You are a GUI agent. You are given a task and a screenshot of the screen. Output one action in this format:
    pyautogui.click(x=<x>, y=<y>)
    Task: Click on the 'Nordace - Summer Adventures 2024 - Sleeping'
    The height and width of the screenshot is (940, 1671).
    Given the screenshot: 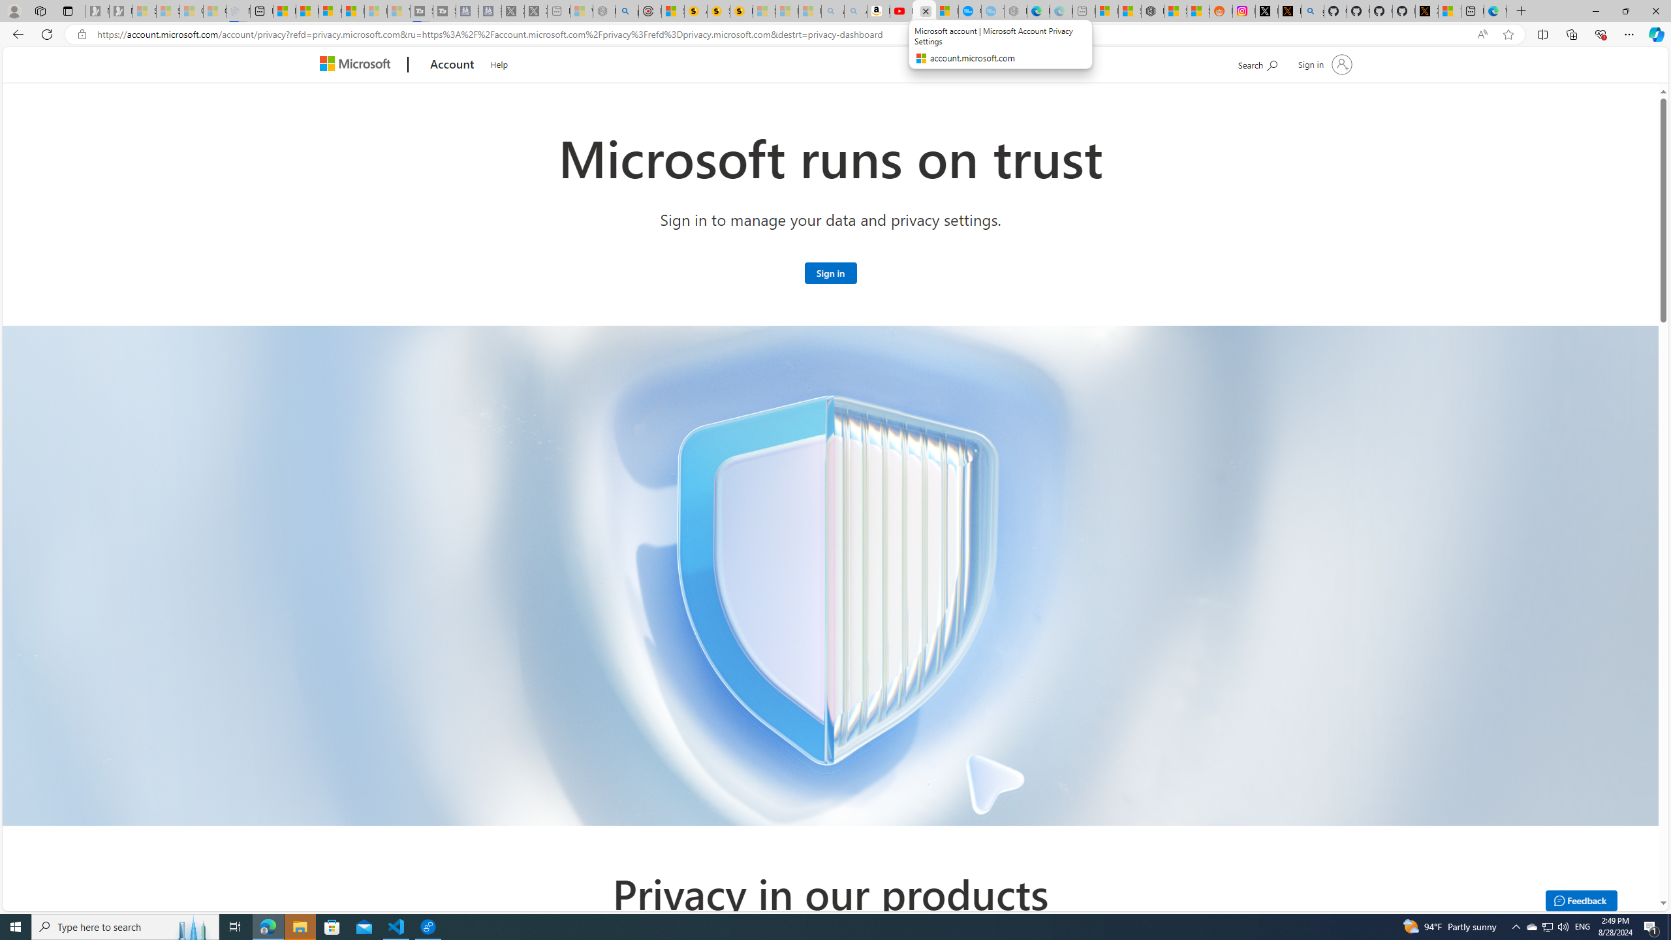 What is the action you would take?
    pyautogui.click(x=604, y=10)
    